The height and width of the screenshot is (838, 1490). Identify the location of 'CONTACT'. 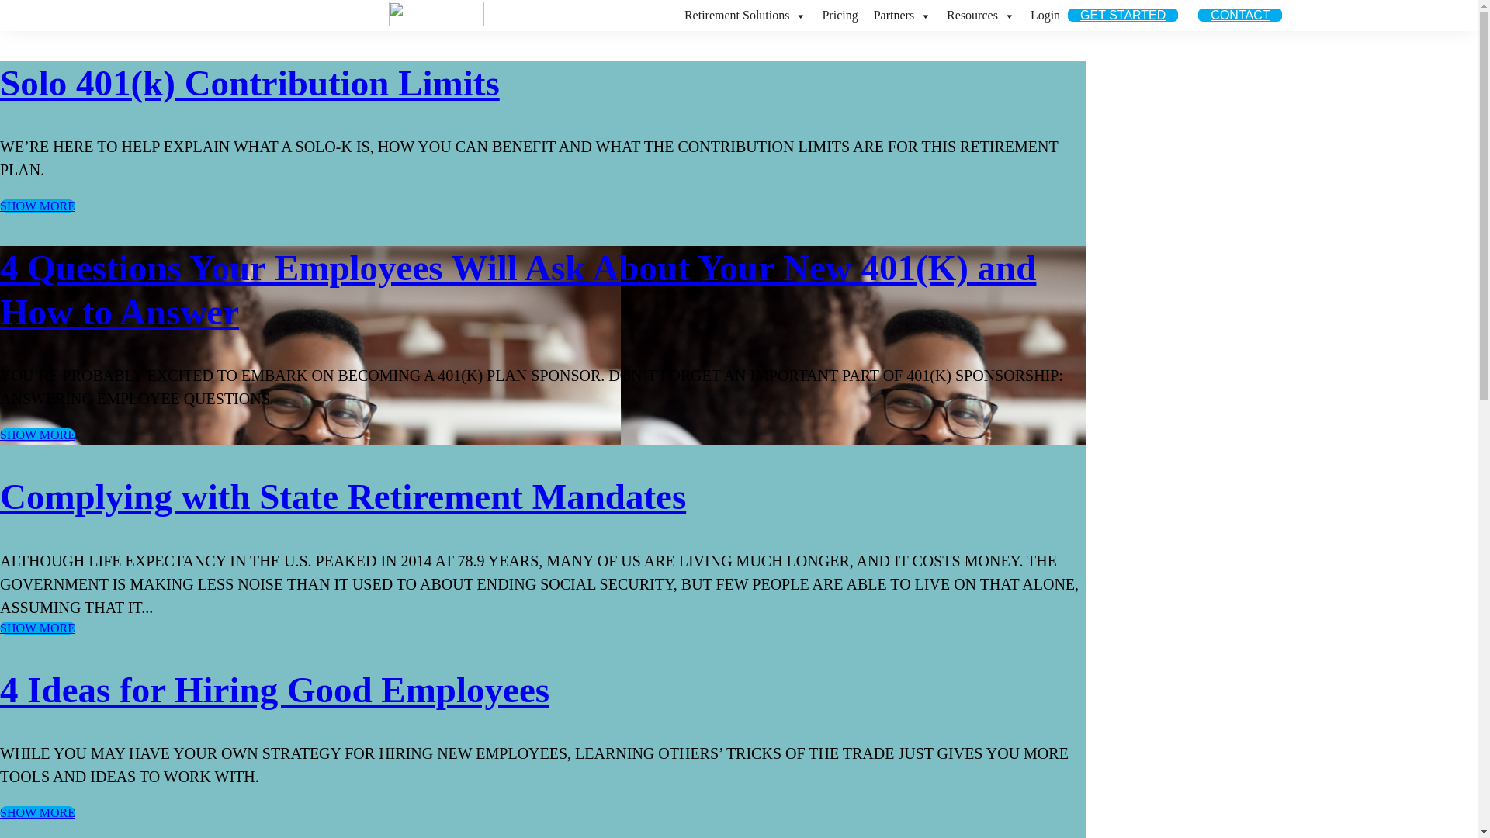
(1239, 15).